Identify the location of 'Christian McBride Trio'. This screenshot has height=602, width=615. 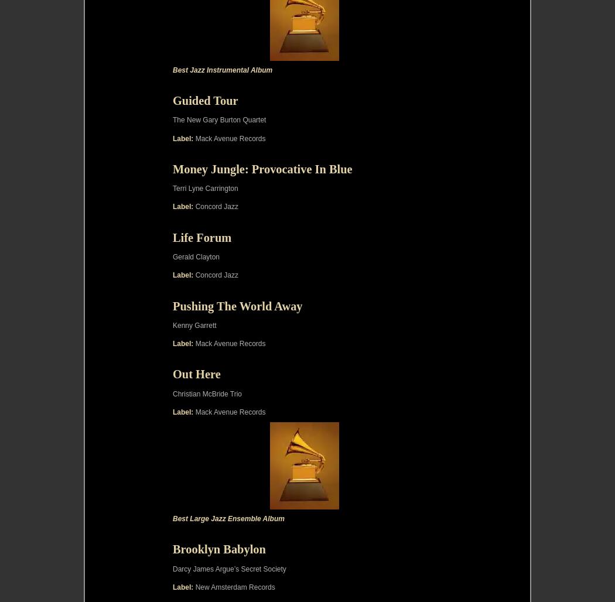
(206, 394).